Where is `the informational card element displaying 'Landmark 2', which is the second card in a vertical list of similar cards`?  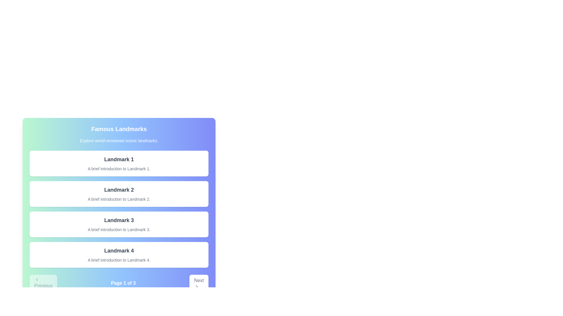
the informational card element displaying 'Landmark 2', which is the second card in a vertical list of similar cards is located at coordinates (119, 194).